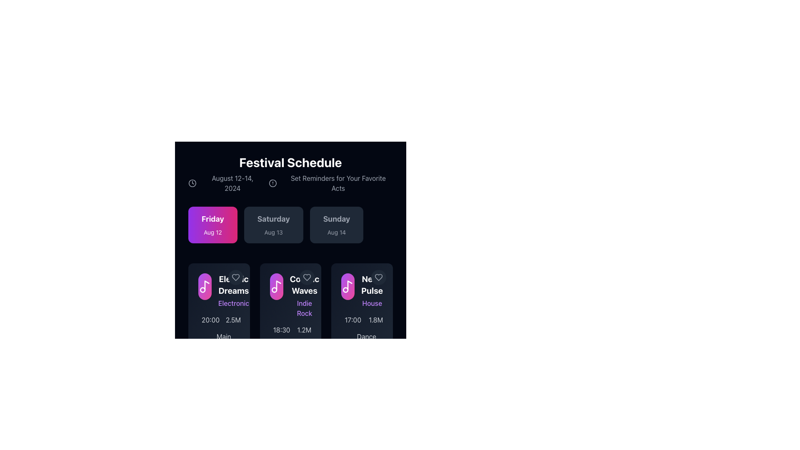 The height and width of the screenshot is (450, 800). Describe the element at coordinates (307, 277) in the screenshot. I see `the heart icon outlined in gray located in the top-right corner of the grid card` at that location.